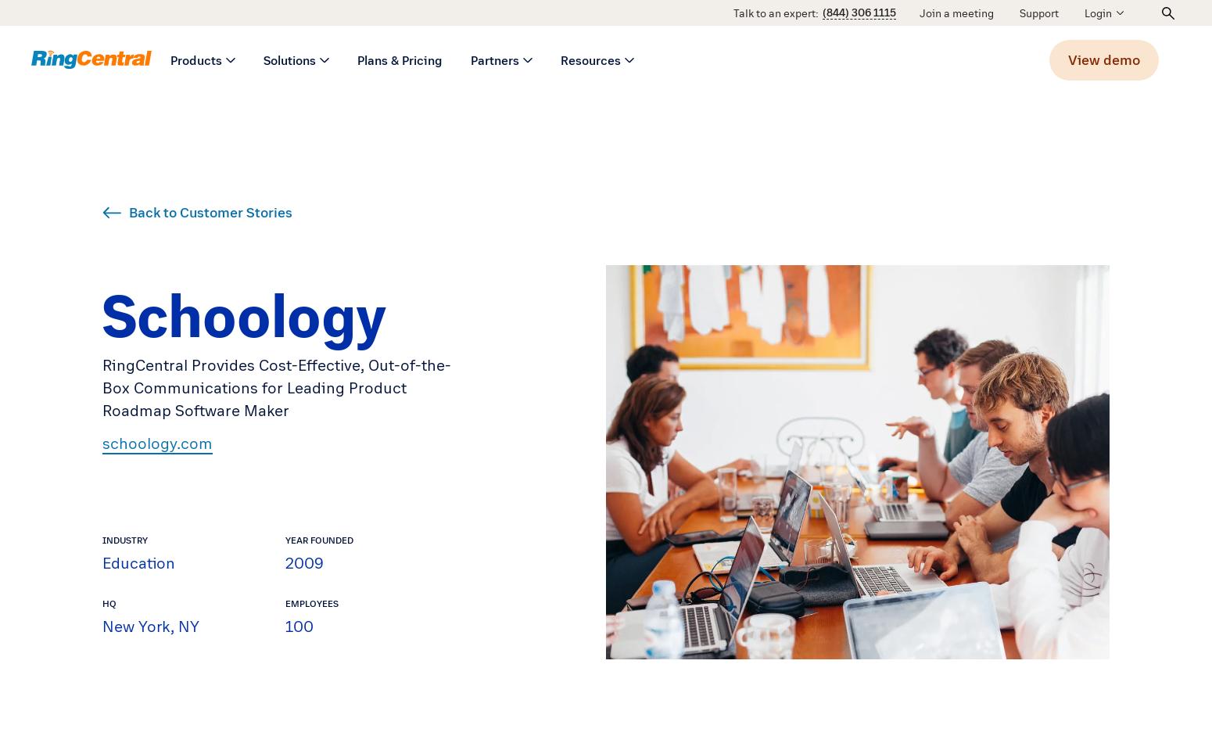  I want to click on 'View demo', so click(1103, 58).